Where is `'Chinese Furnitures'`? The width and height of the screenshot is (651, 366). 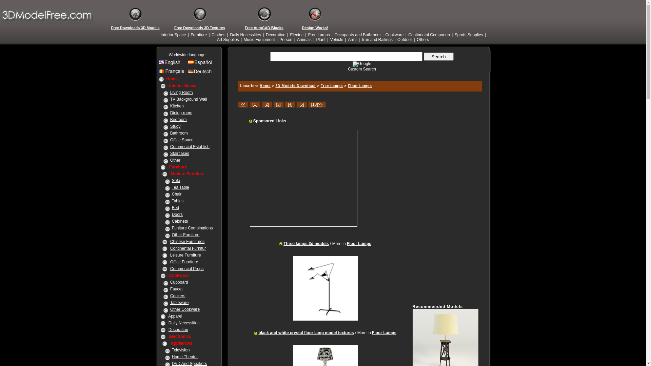
'Chinese Furnitures' is located at coordinates (187, 241).